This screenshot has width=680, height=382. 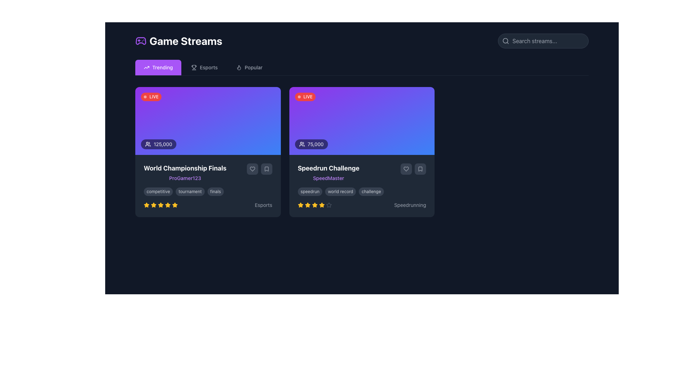 I want to click on text content of the title and username of the streamer displayed in the leftmost card under the 'Trending' tab, located towards the bottom of the card above the tag elements and star rating section, so click(x=185, y=173).